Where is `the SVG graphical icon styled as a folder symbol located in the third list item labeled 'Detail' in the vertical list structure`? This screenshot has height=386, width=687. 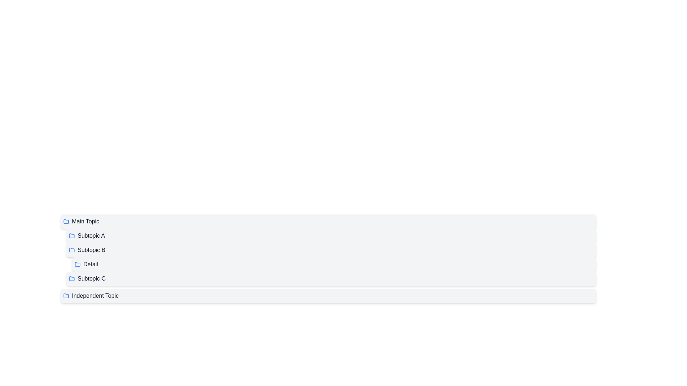 the SVG graphical icon styled as a folder symbol located in the third list item labeled 'Detail' in the vertical list structure is located at coordinates (77, 264).